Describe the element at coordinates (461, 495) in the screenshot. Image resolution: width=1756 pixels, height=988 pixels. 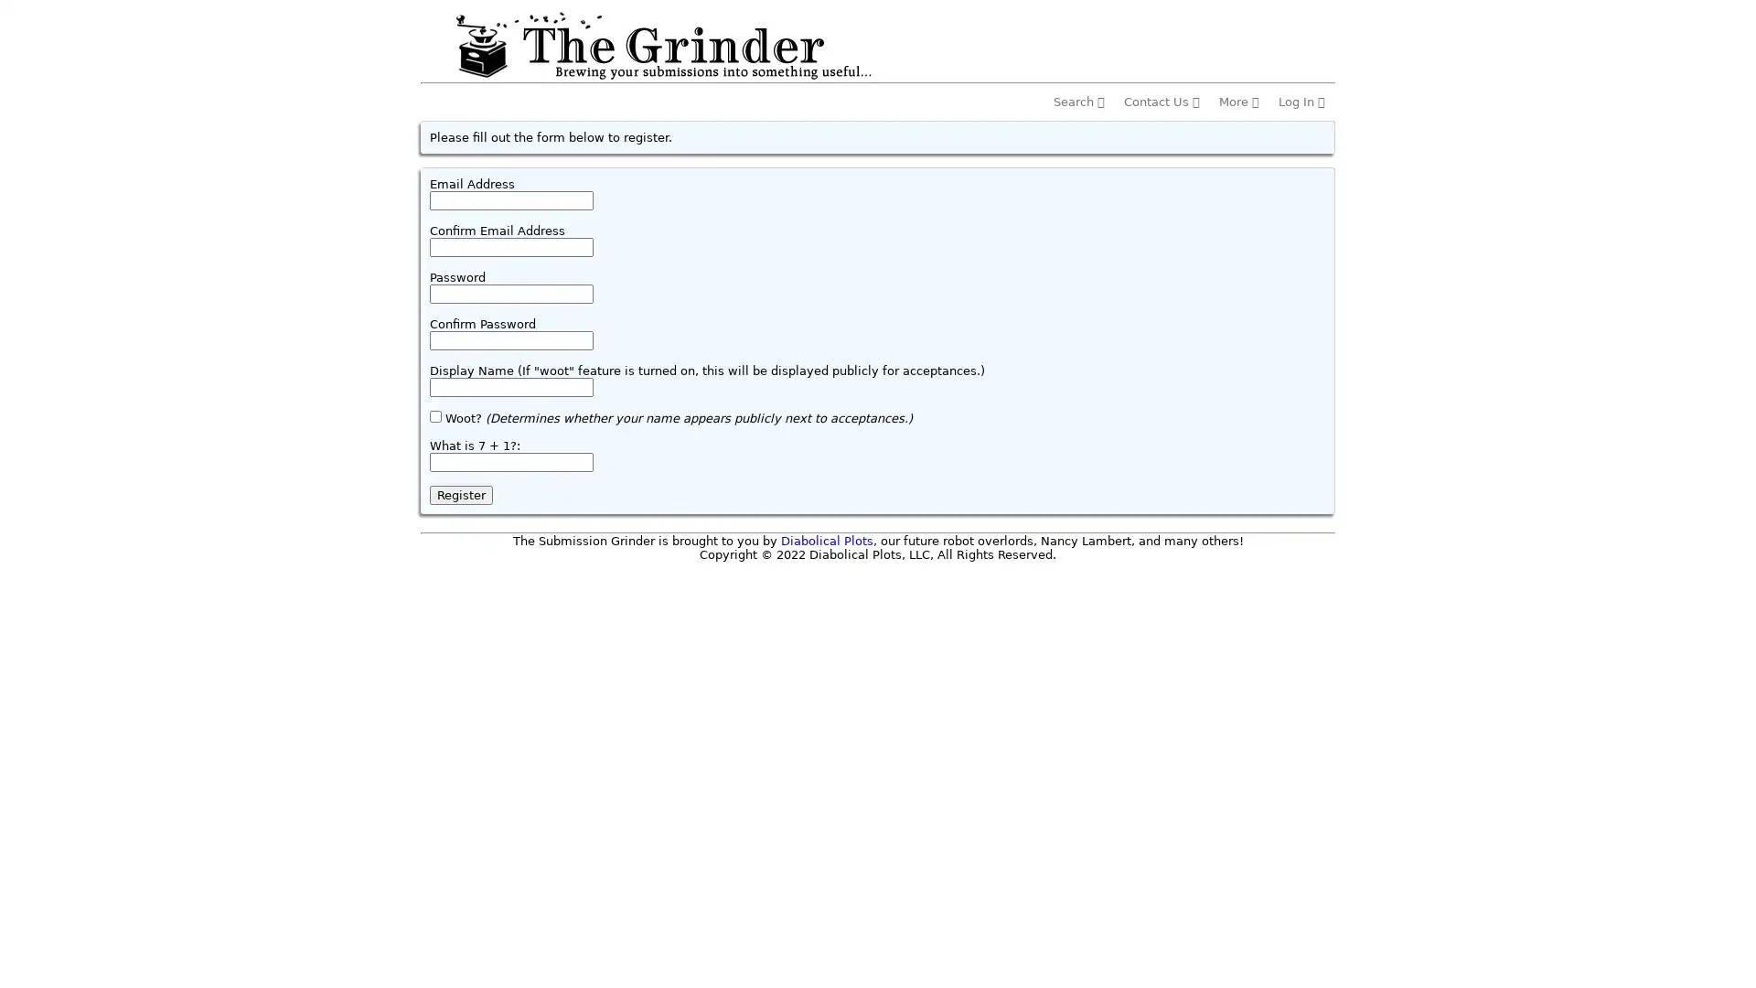
I see `Register` at that location.